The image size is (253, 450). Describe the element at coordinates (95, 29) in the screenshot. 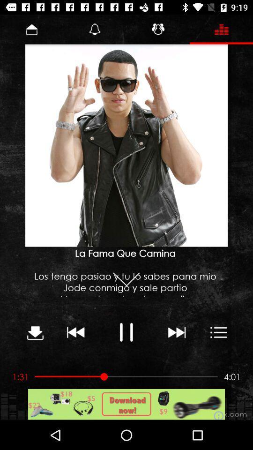

I see `the bell icon` at that location.